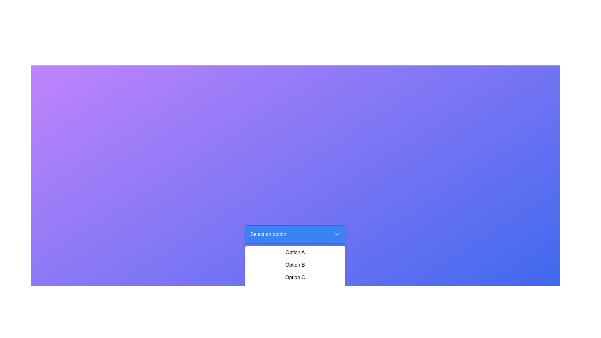  Describe the element at coordinates (295, 265) in the screenshot. I see `the second item` at that location.